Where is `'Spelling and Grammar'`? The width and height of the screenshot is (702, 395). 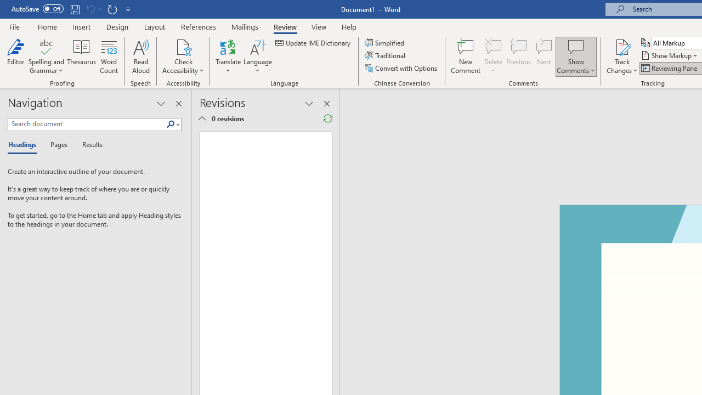 'Spelling and Grammar' is located at coordinates (46, 46).